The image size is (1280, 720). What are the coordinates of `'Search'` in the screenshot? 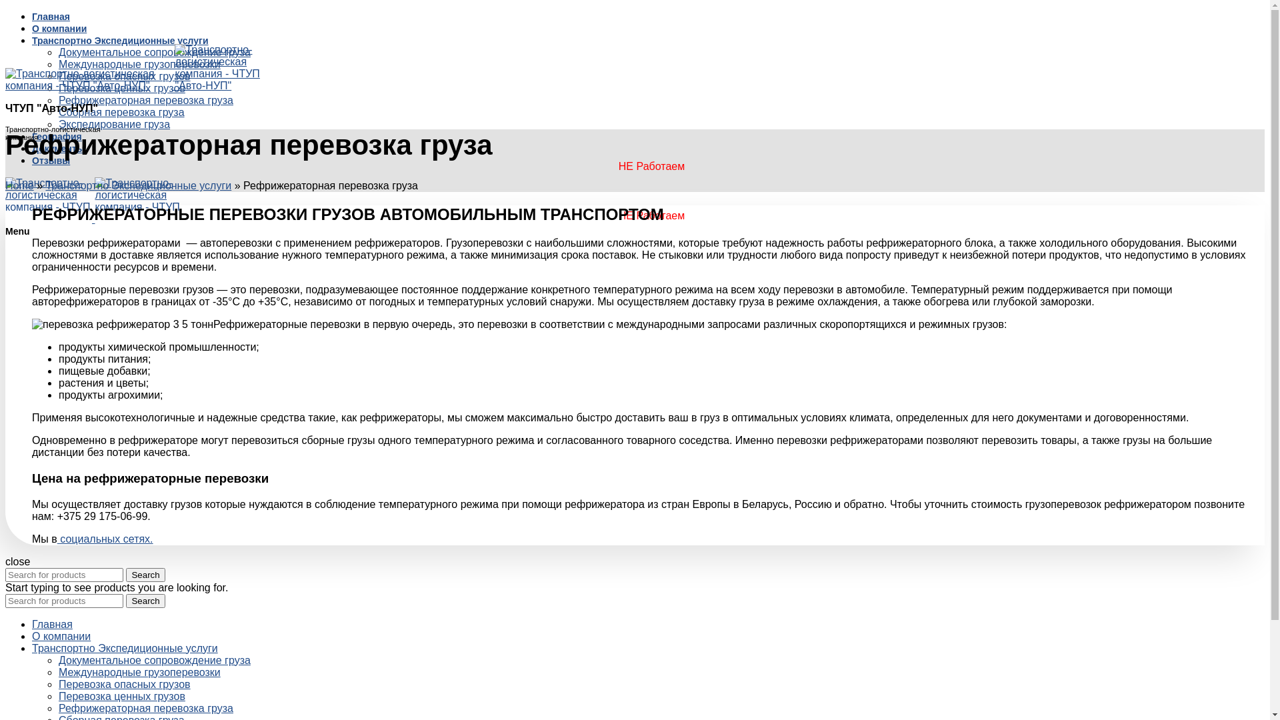 It's located at (145, 600).